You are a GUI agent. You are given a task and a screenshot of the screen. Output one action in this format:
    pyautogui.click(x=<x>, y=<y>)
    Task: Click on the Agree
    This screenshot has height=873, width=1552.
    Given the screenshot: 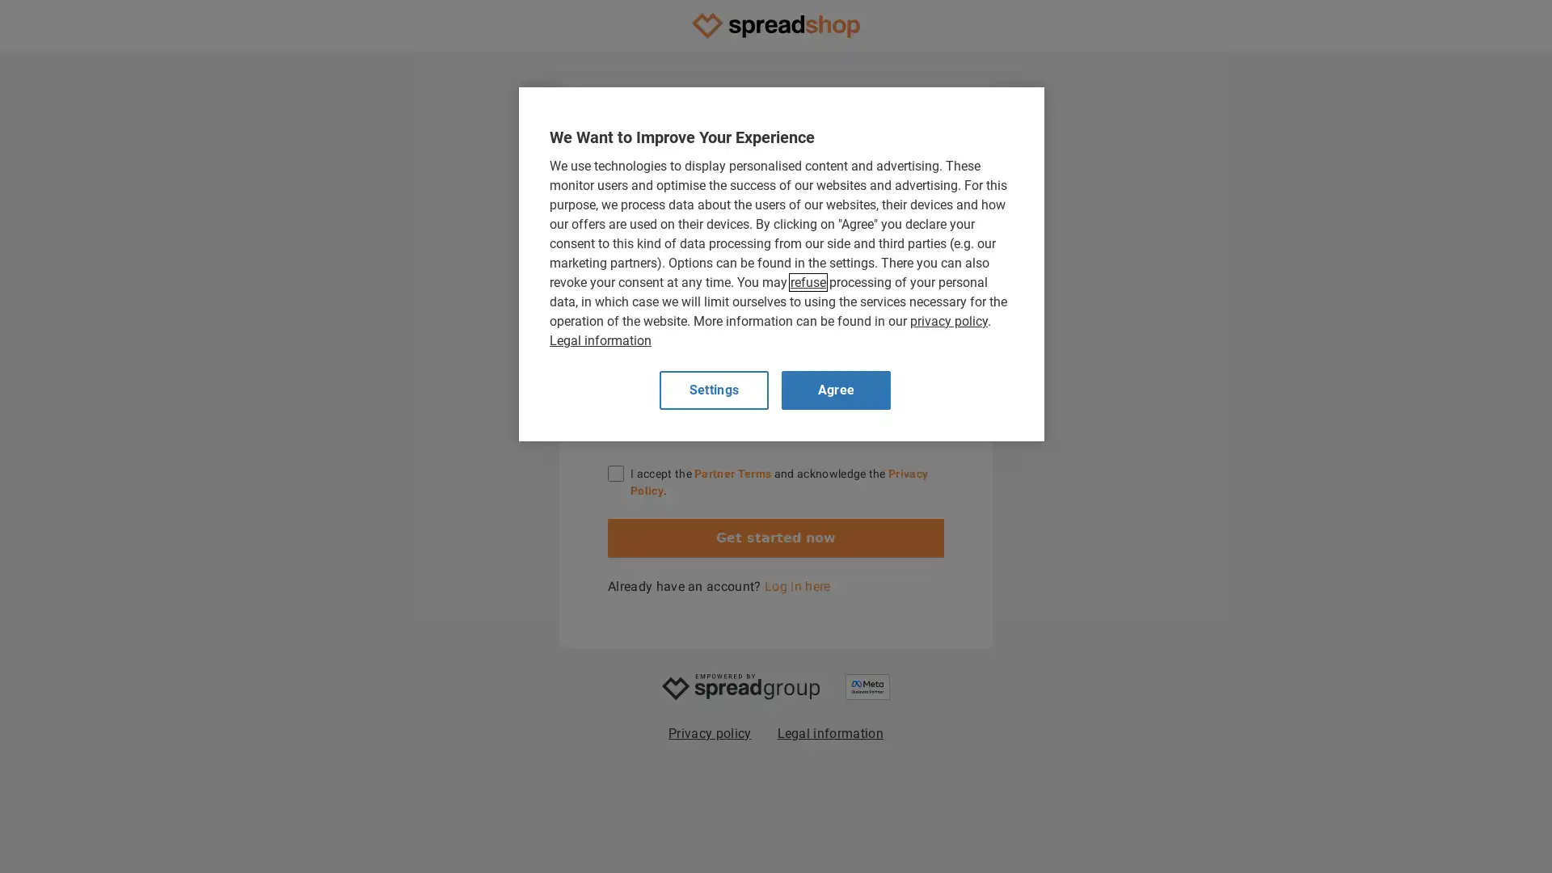 What is the action you would take?
    pyautogui.click(x=836, y=390)
    